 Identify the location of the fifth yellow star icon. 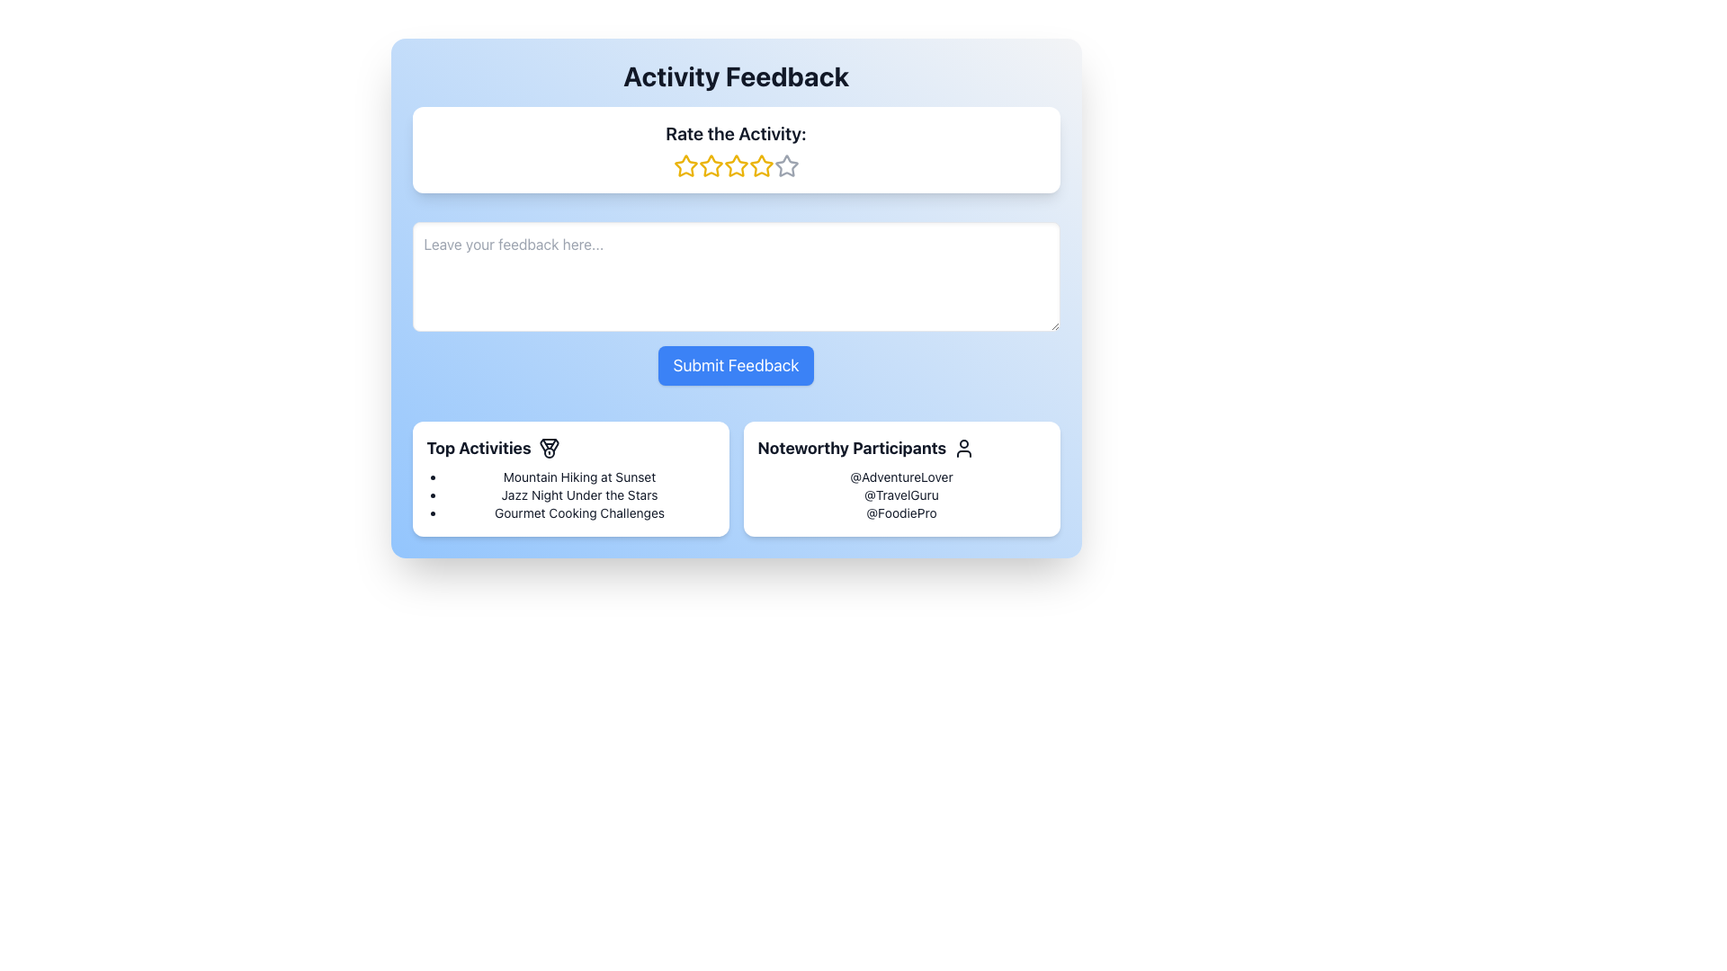
(761, 166).